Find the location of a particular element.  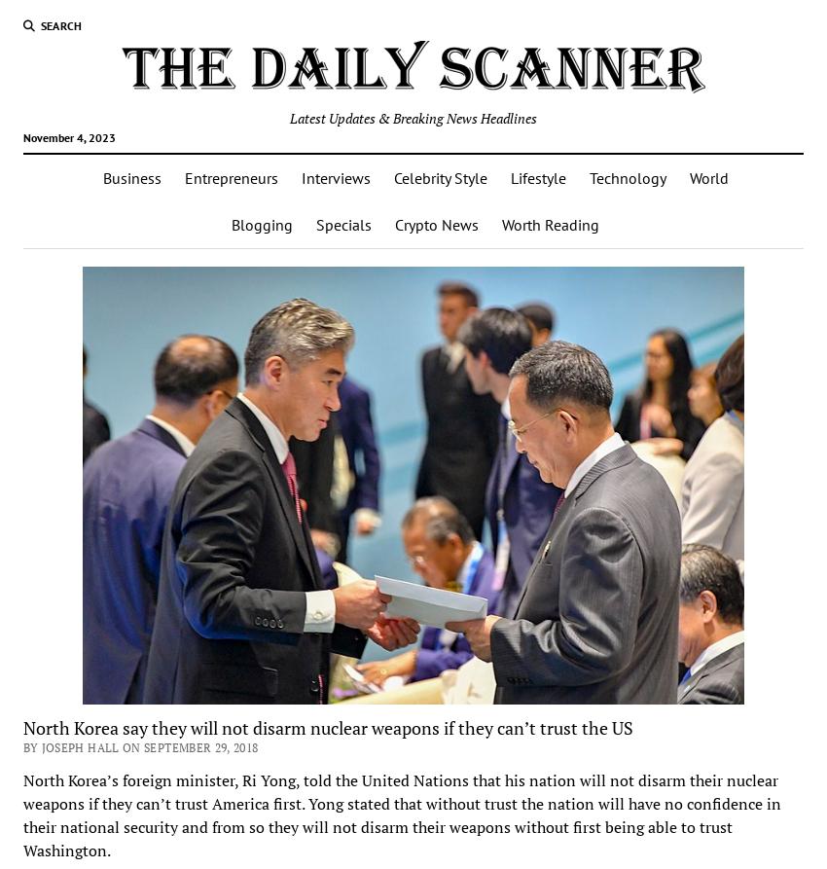

'Business' is located at coordinates (130, 175).